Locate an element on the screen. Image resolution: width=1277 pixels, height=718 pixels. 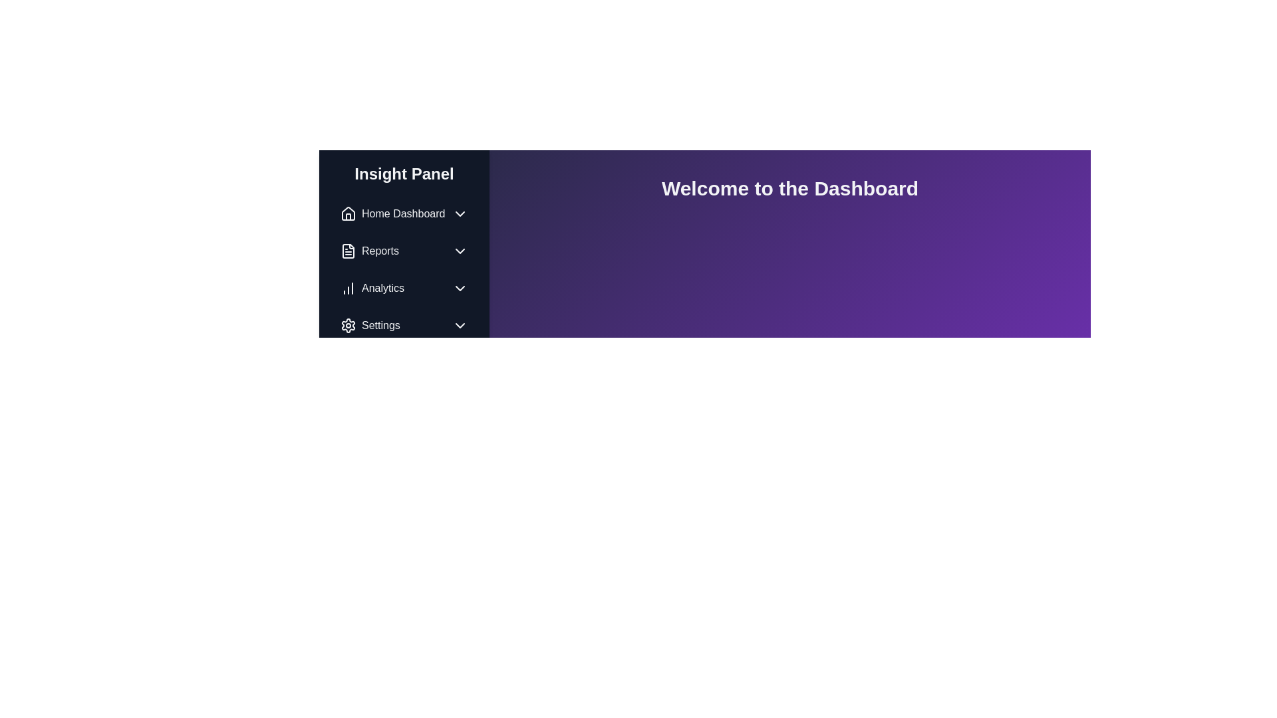
the 'Reports' text label in the sidebar navigation panel is located at coordinates (379, 251).